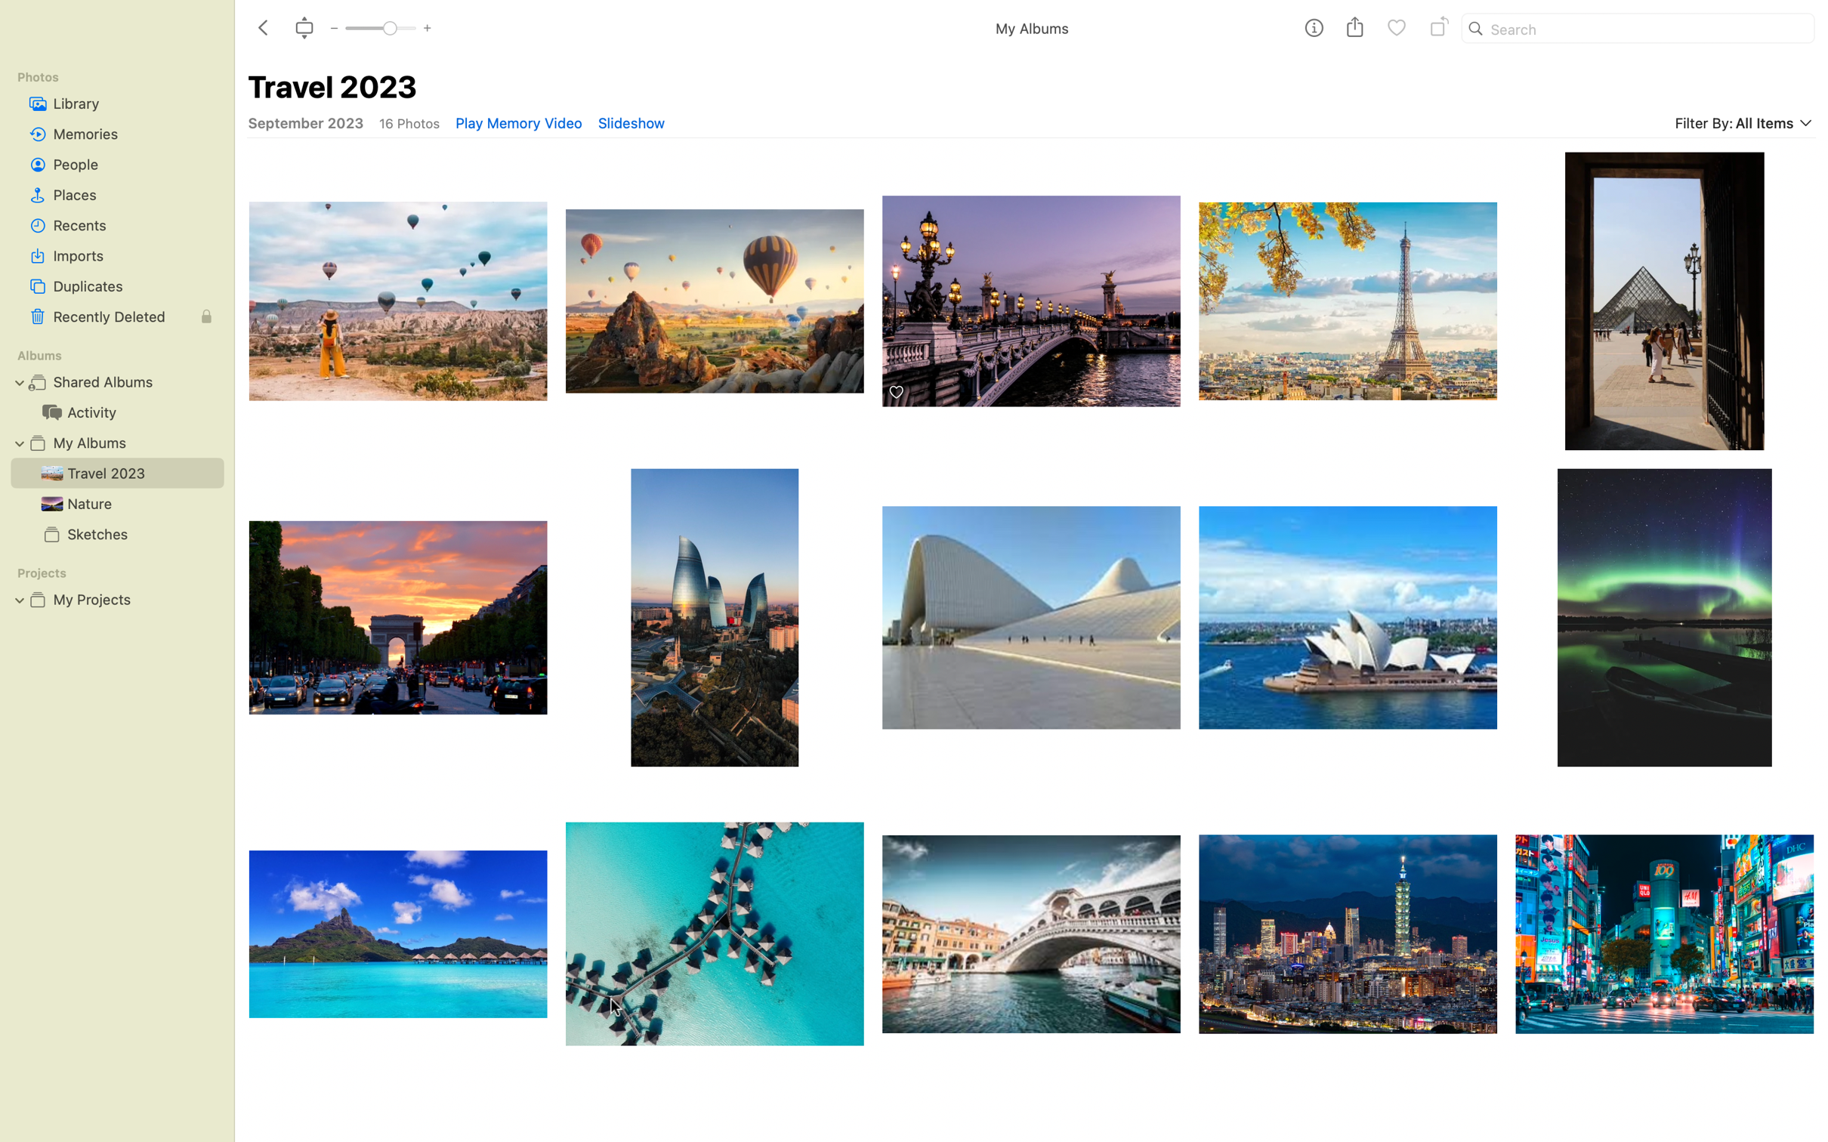  I want to click on the picture of Louvre, so click(1663, 298).